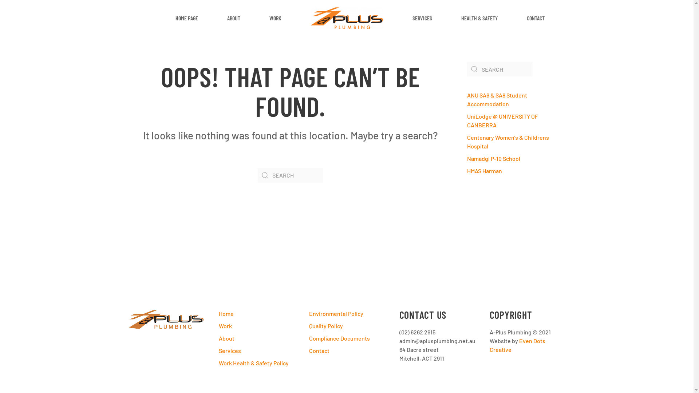 Image resolution: width=699 pixels, height=393 pixels. Describe the element at coordinates (346, 313) in the screenshot. I see `'Environmental Policy'` at that location.